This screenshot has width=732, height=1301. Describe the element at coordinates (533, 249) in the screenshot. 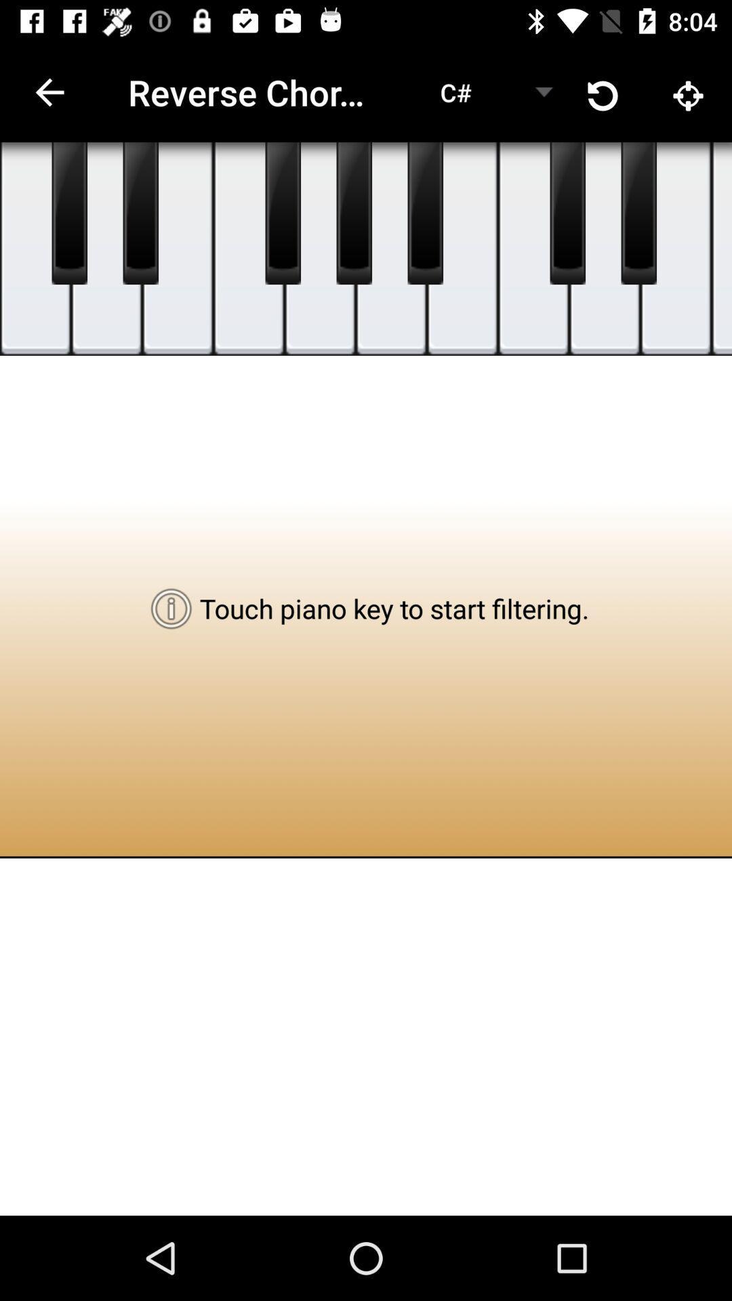

I see `keybord enter` at that location.